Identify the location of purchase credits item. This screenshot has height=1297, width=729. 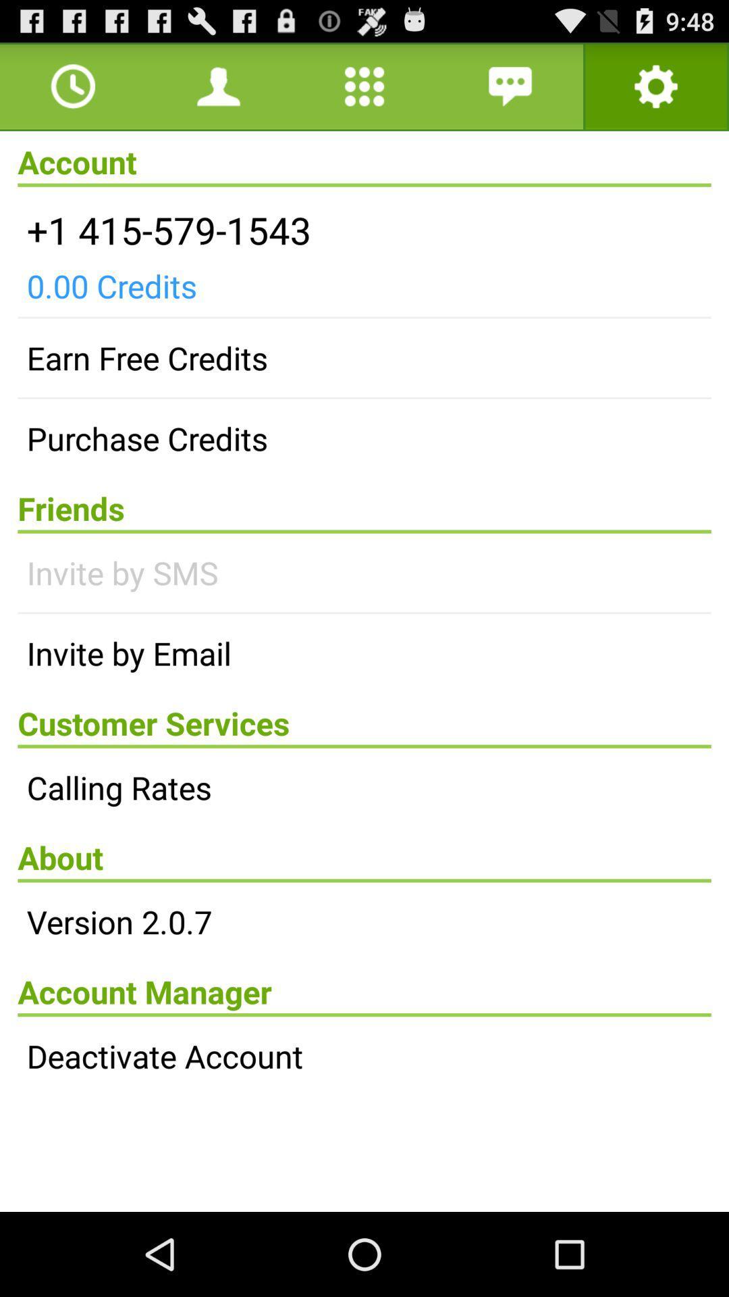
(364, 438).